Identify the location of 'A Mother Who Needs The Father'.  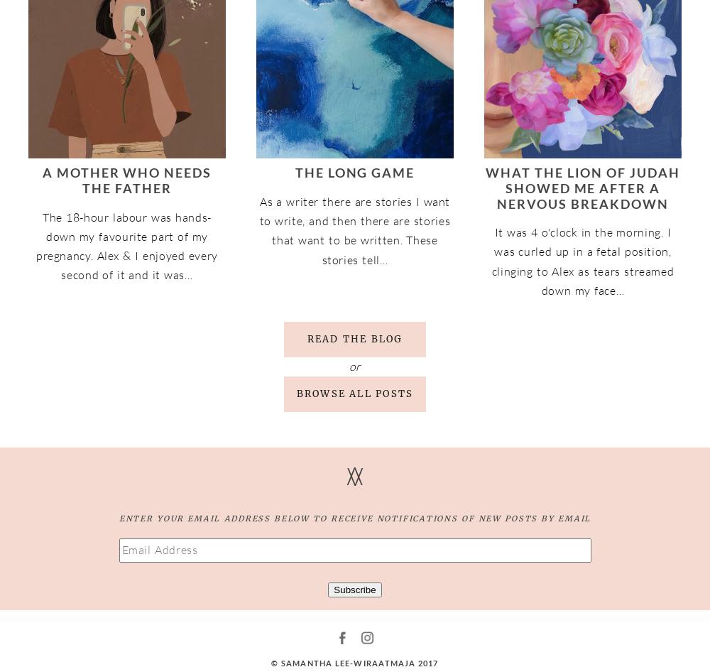
(42, 180).